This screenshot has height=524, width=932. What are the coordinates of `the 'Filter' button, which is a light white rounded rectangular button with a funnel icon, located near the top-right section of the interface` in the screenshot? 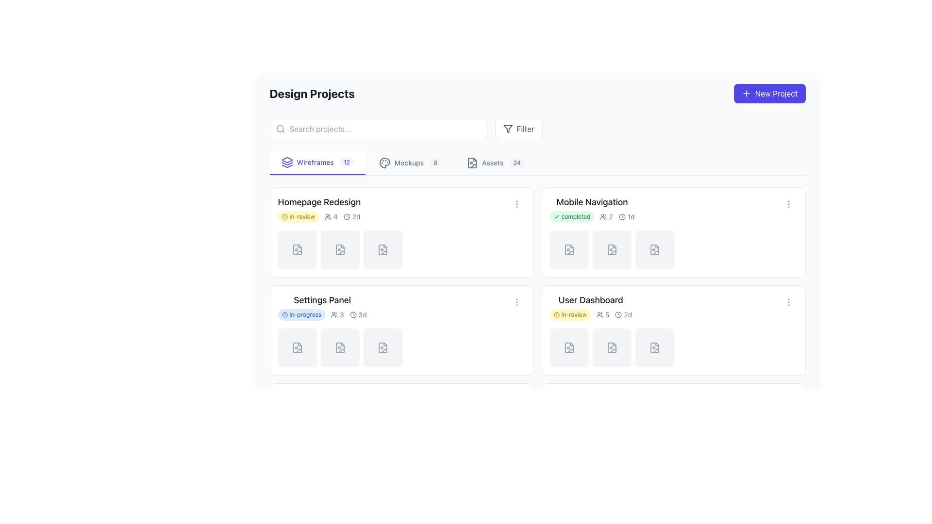 It's located at (518, 129).